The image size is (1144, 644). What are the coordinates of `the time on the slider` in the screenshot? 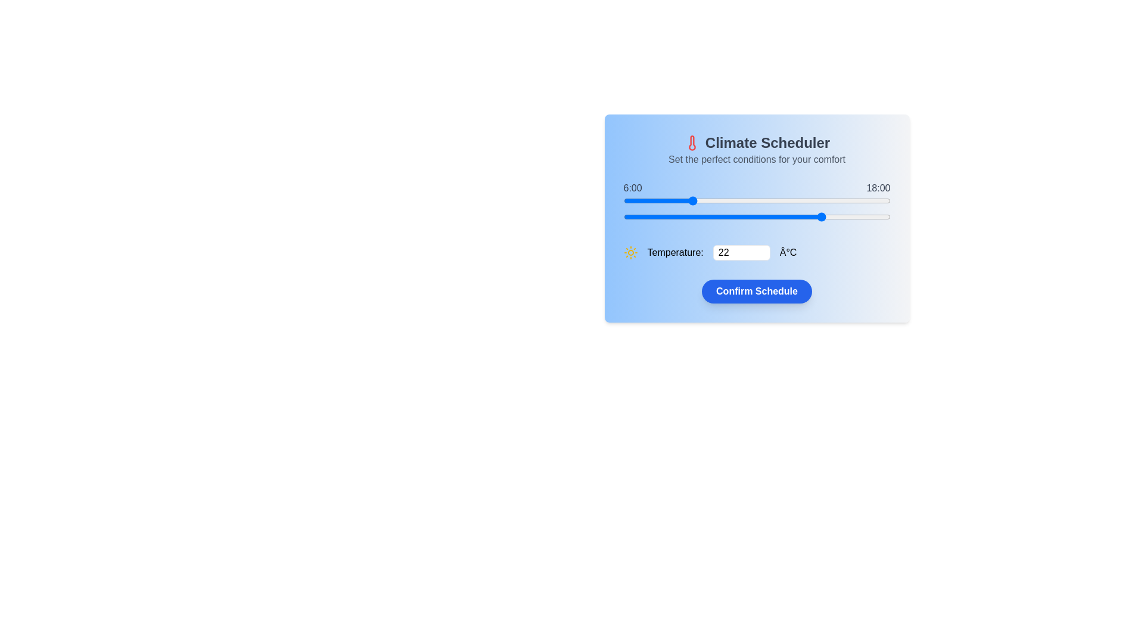 It's located at (656, 200).